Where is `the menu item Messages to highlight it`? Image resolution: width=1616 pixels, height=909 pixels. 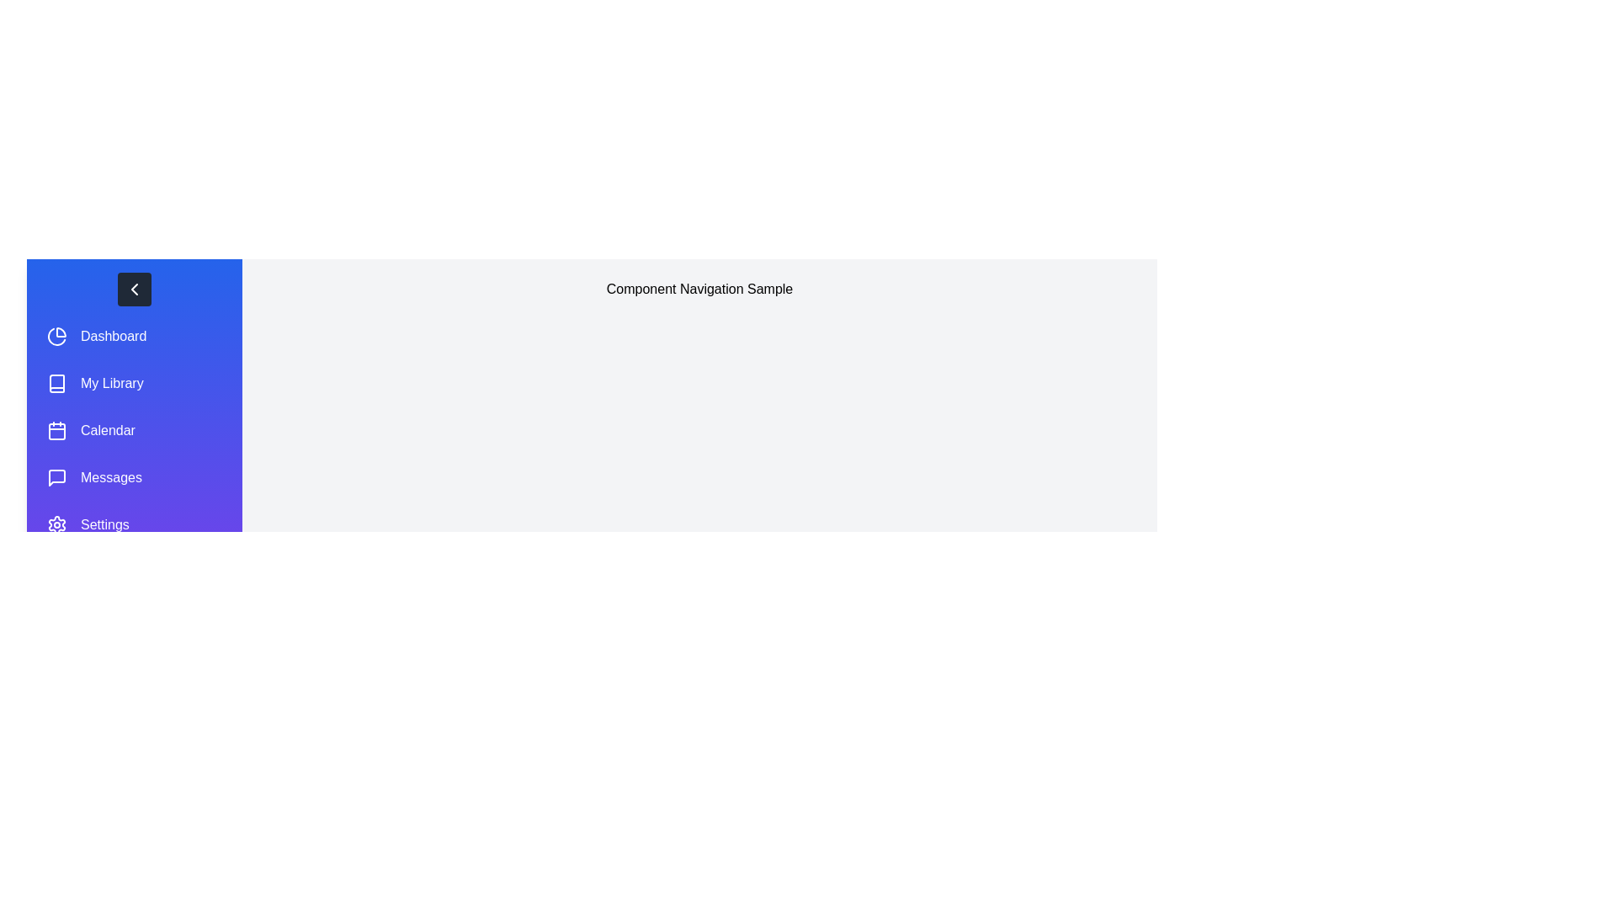 the menu item Messages to highlight it is located at coordinates (133, 477).